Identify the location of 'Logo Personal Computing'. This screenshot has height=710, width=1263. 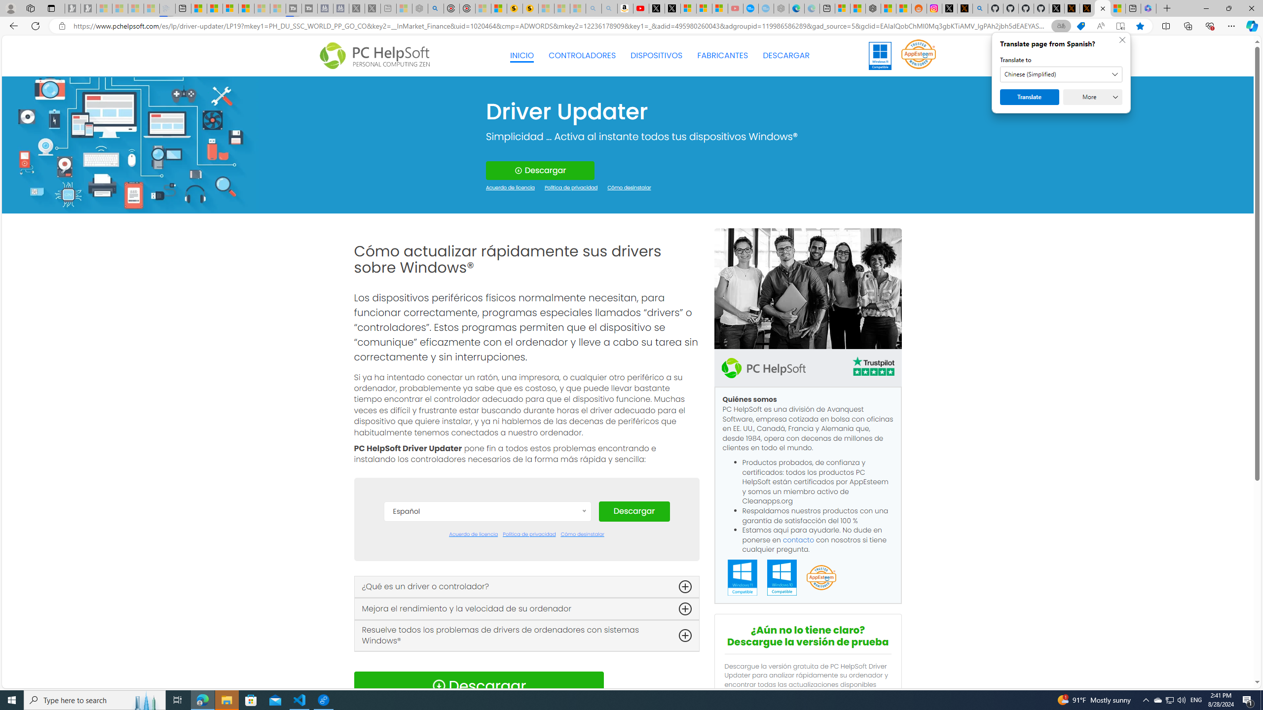
(377, 55).